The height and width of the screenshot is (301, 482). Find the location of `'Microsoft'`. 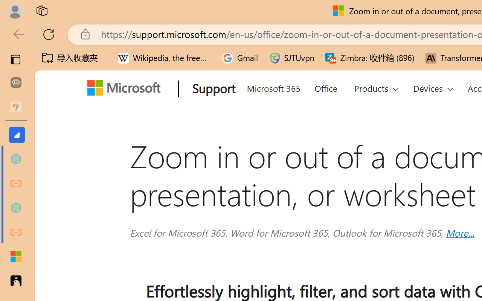

'Microsoft' is located at coordinates (127, 89).